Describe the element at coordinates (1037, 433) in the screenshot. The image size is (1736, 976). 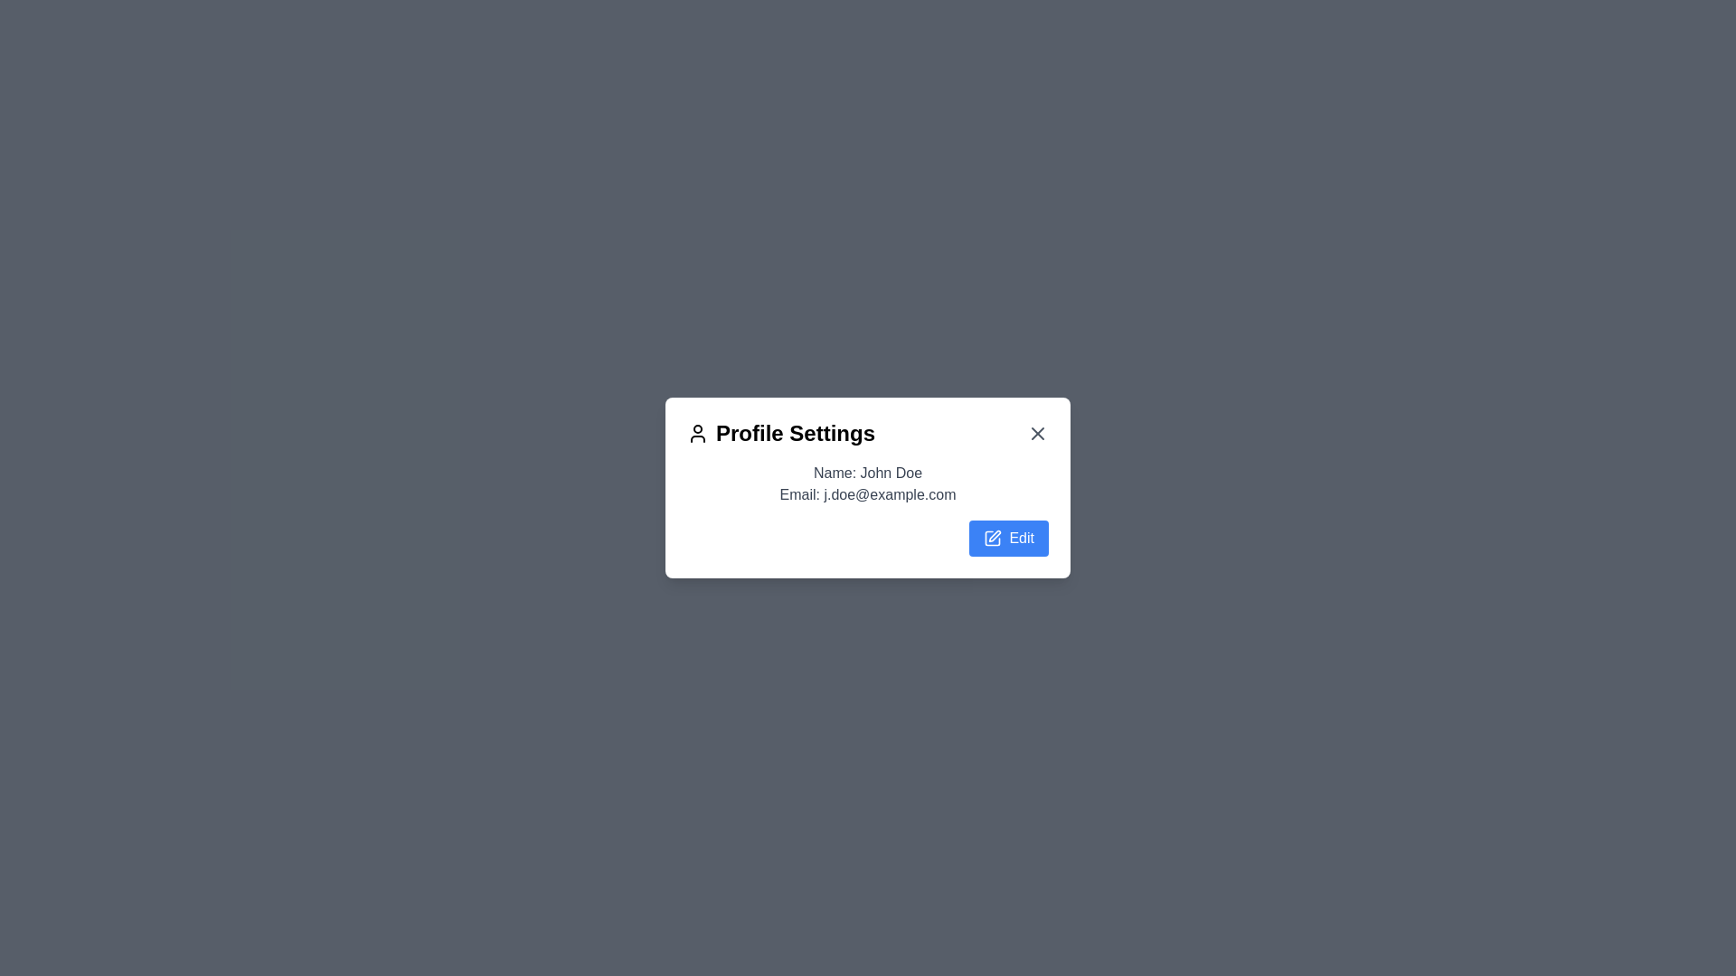
I see `the Close icon located in the top-right corner of the 'Profile Settings' modal` at that location.